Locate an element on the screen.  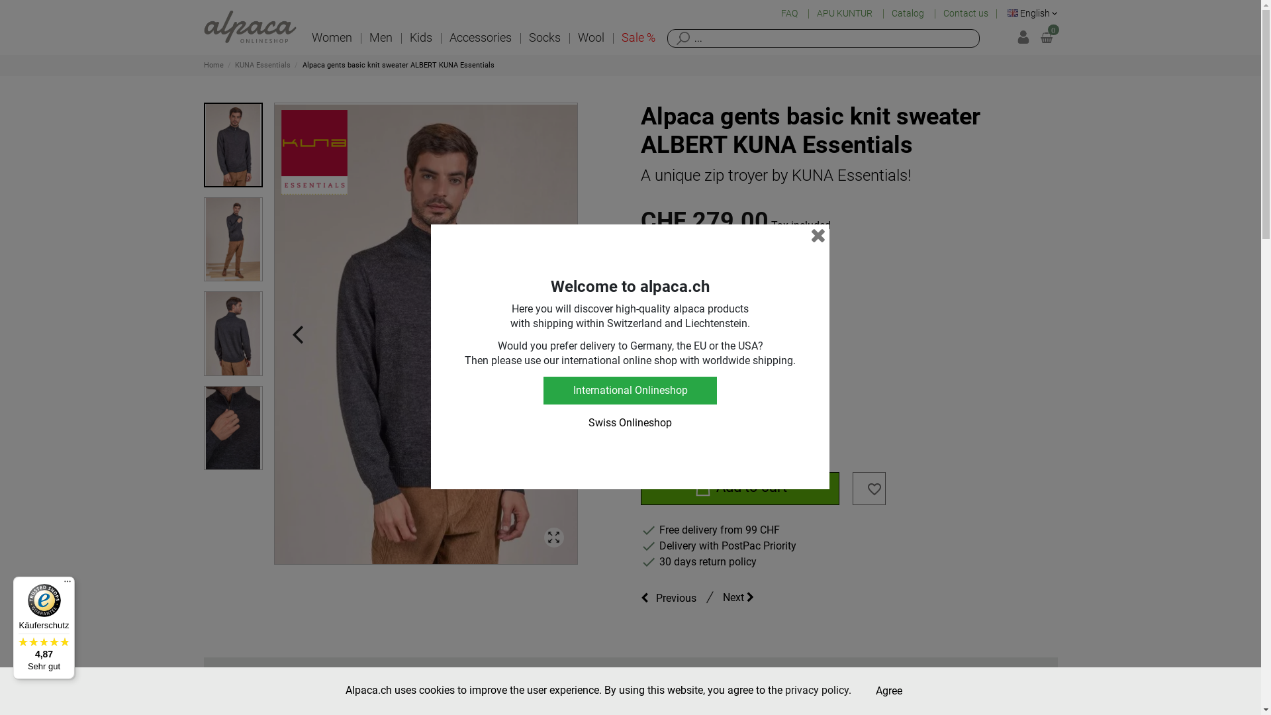
'APU KUNTUR' is located at coordinates (845, 13).